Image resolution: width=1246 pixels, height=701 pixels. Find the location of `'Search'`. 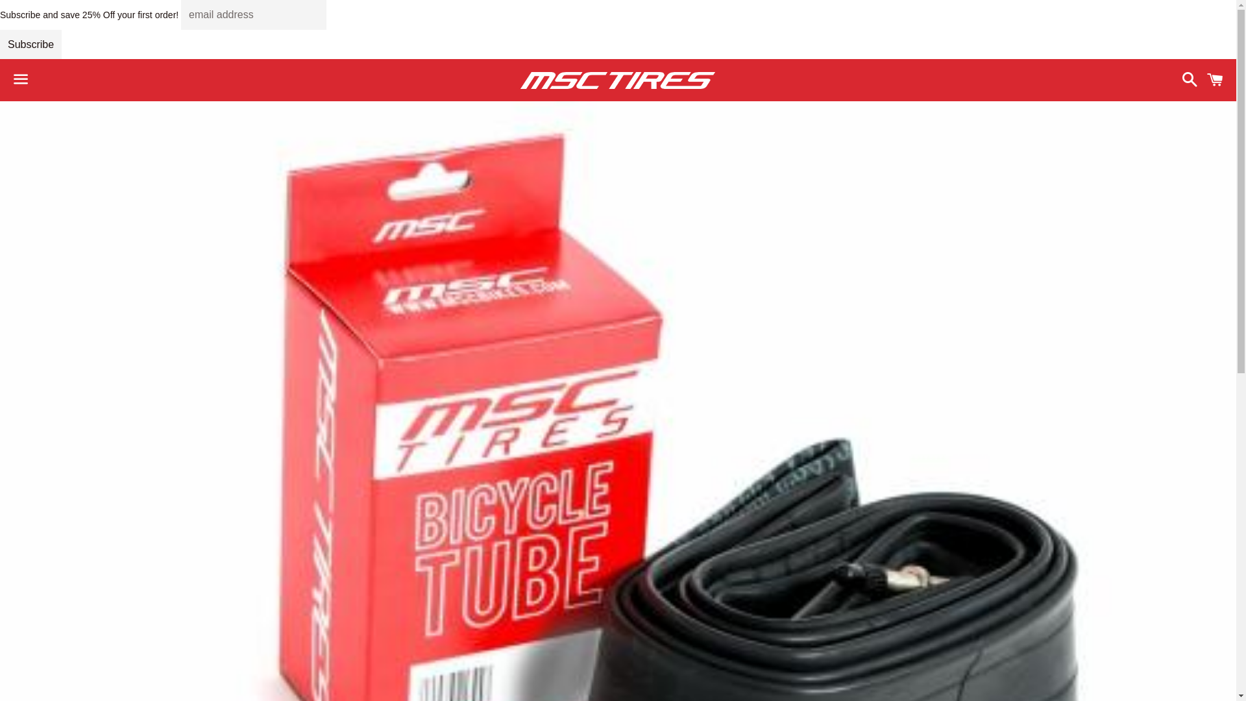

'Search' is located at coordinates (1186, 80).